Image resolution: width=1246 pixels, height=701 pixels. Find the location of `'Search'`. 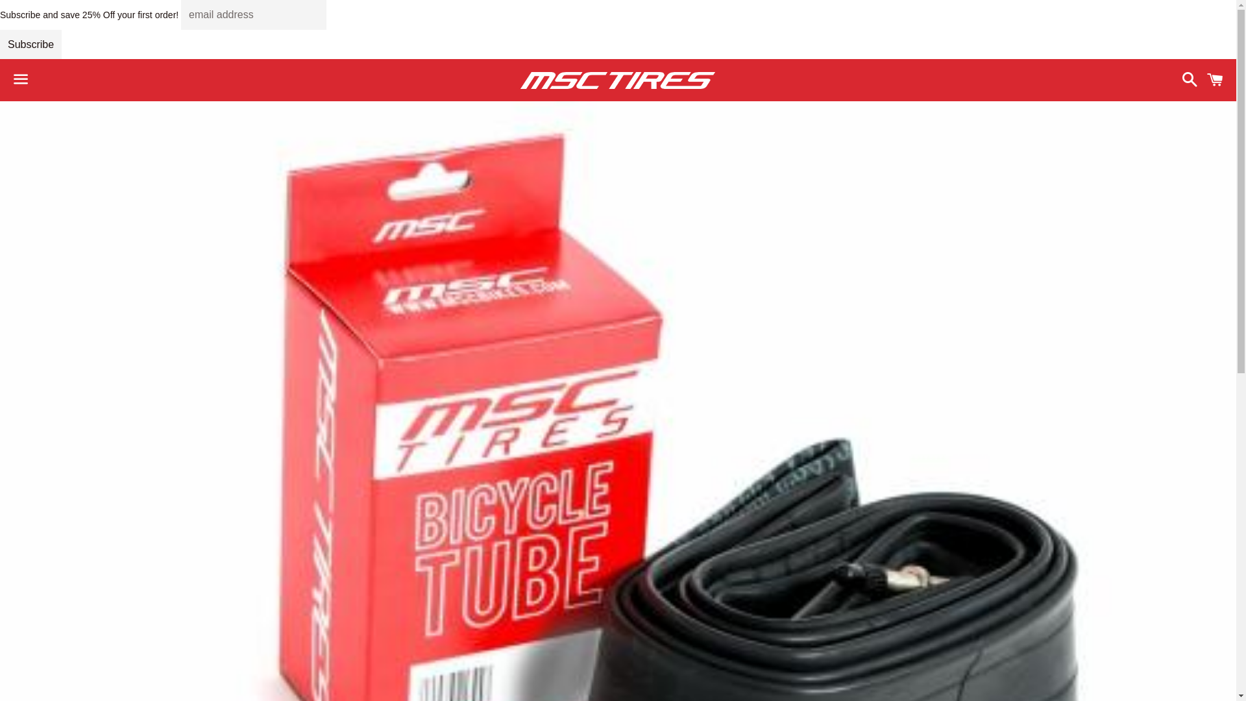

'Search' is located at coordinates (1186, 80).